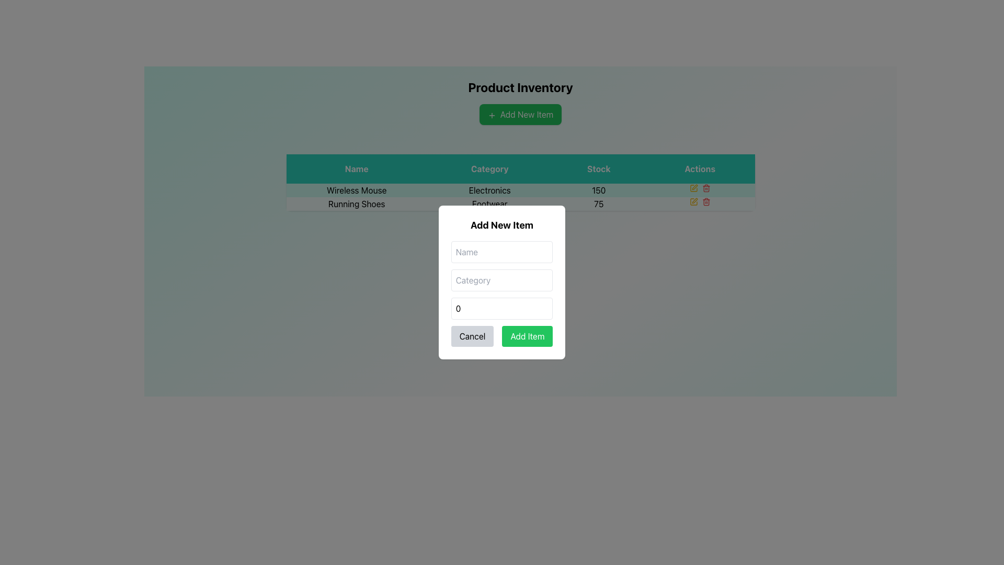 The height and width of the screenshot is (565, 1004). Describe the element at coordinates (489, 190) in the screenshot. I see `text label indicating the category of the item 'Wireless Mouse' located in the grid under the 'Category' column` at that location.